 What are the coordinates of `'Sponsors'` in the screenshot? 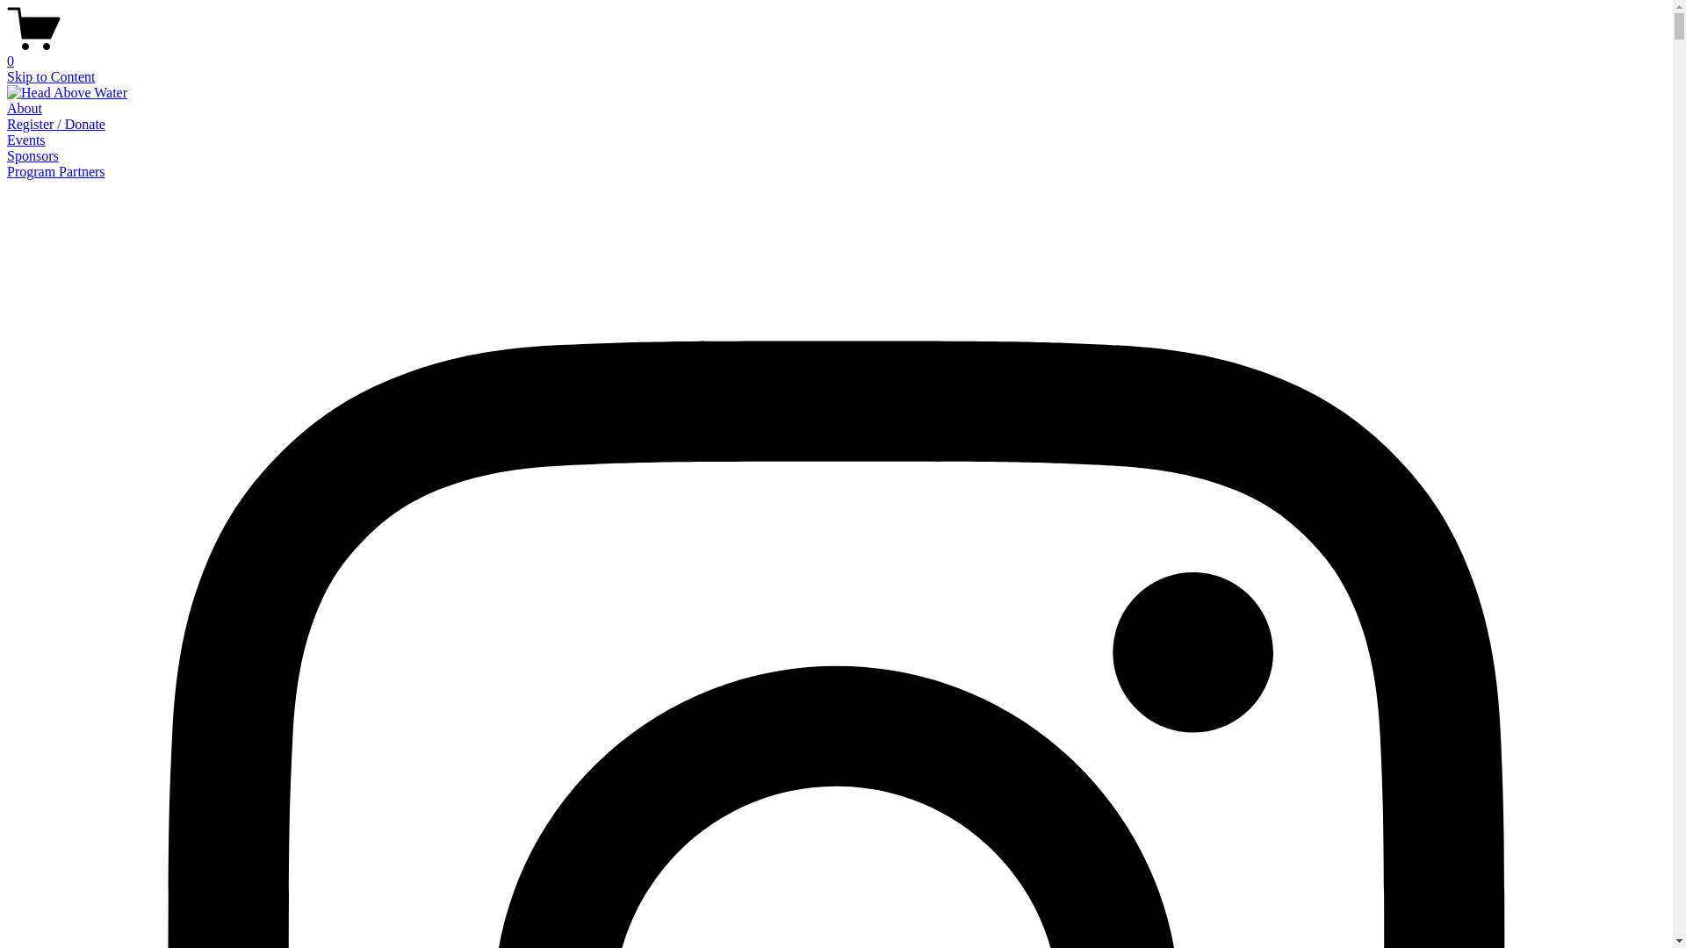 It's located at (32, 154).